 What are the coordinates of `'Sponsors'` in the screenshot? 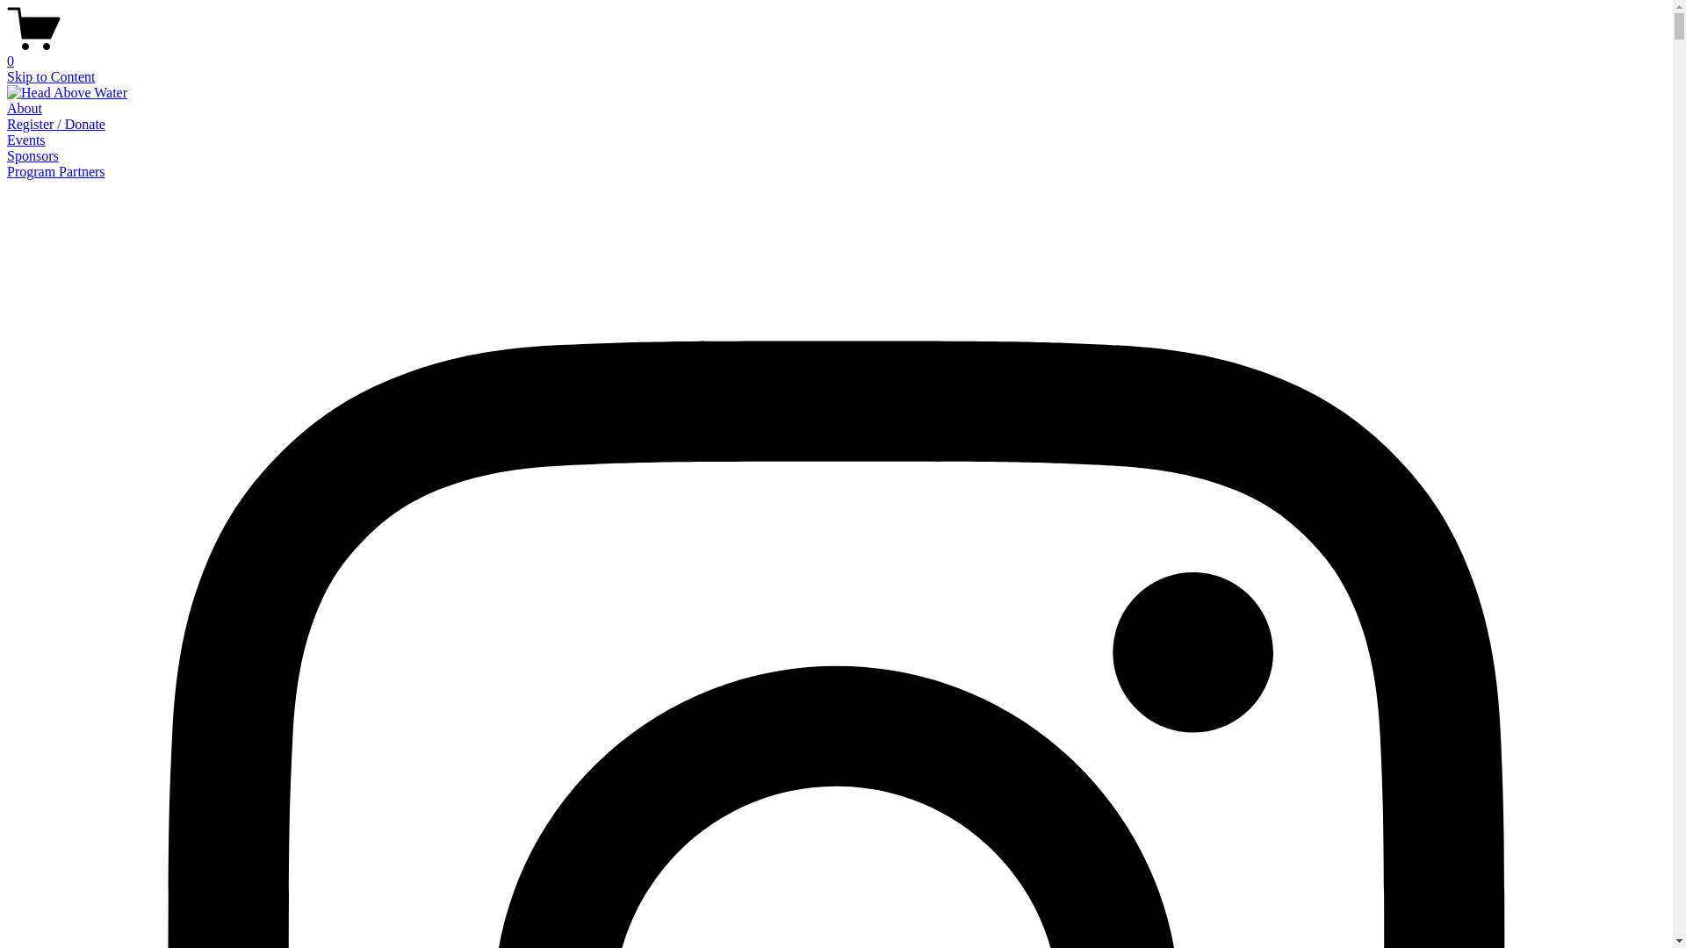 It's located at (32, 154).